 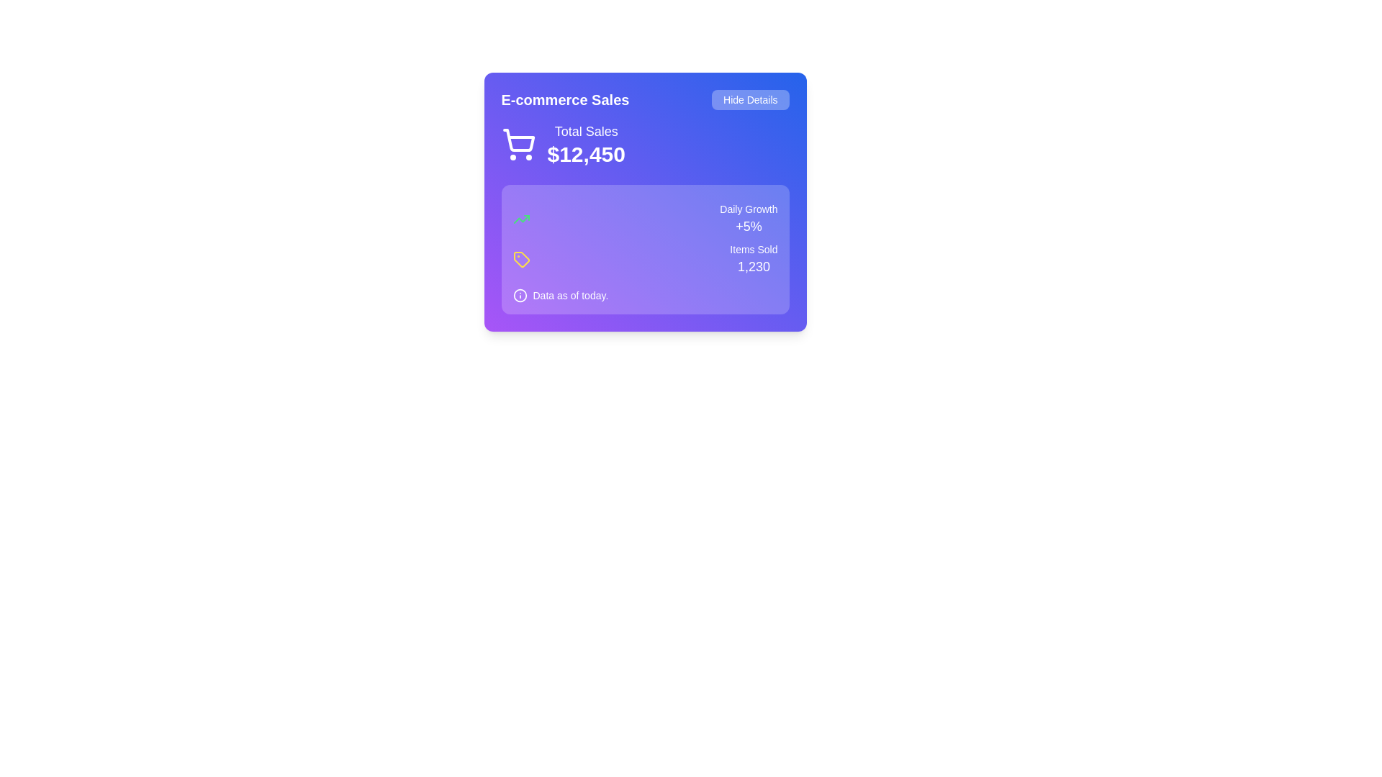 What do you see at coordinates (518, 144) in the screenshot?
I see `the sales icon in the upper-left subsection of the 'E-commerce Sales' card, which symbolizes sales or shopping` at bounding box center [518, 144].